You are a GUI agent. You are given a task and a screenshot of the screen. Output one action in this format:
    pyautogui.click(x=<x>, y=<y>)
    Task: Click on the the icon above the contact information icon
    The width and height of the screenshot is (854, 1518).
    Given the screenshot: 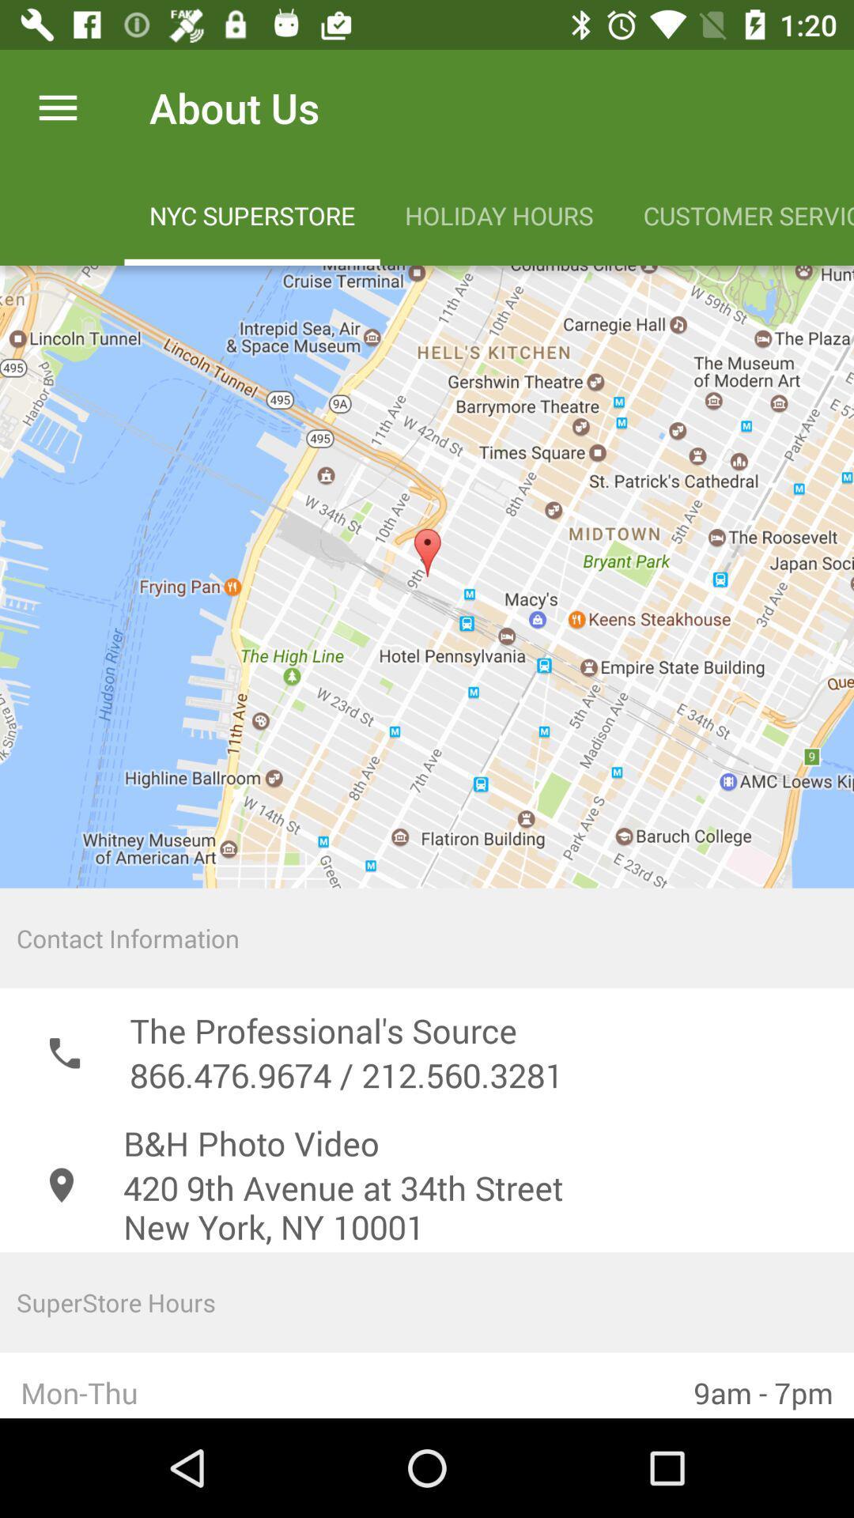 What is the action you would take?
    pyautogui.click(x=427, y=576)
    